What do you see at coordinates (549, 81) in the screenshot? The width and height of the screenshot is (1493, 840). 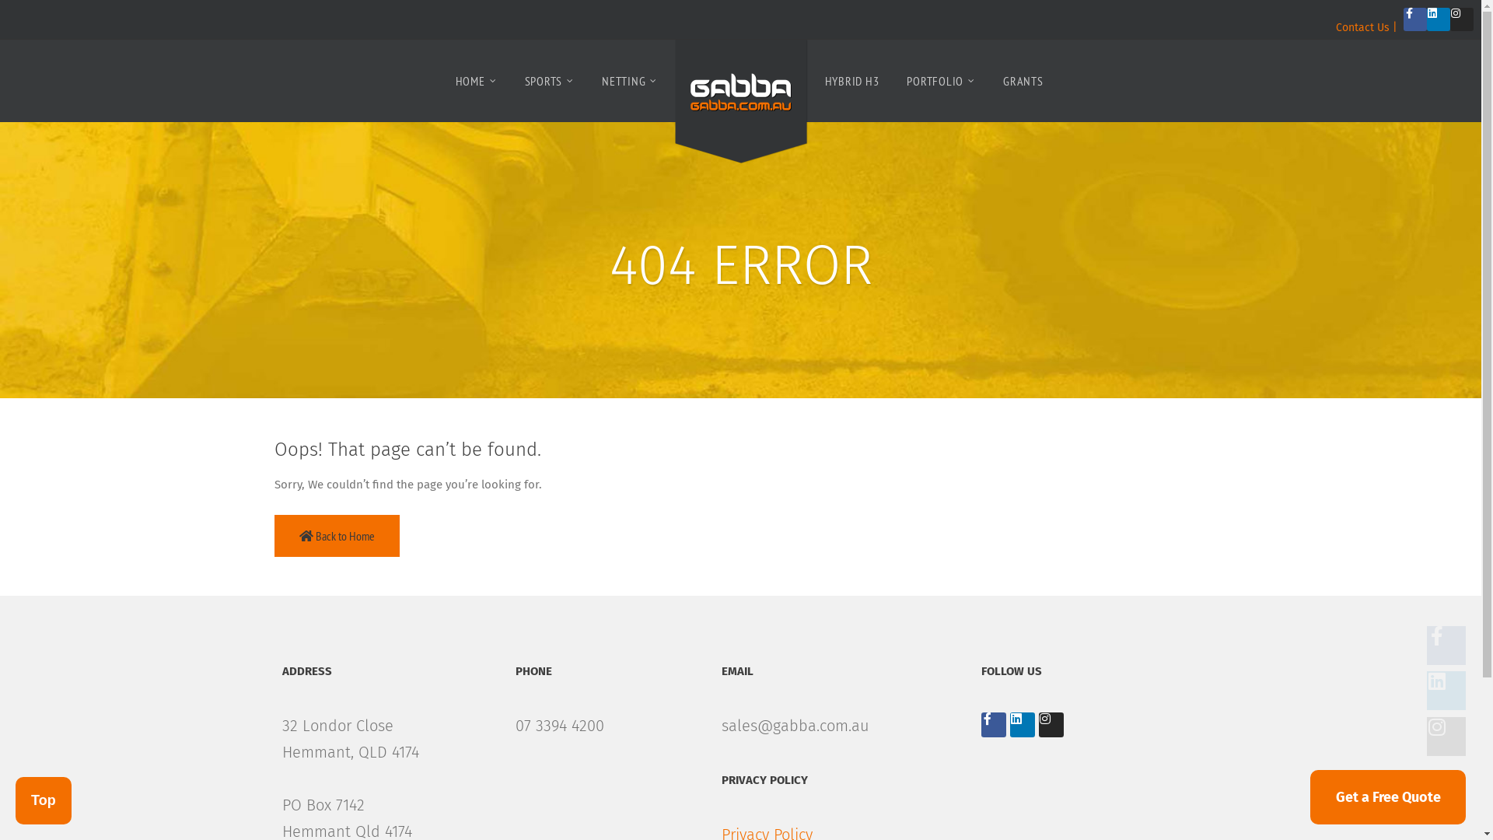 I see `'SPORTS'` at bounding box center [549, 81].